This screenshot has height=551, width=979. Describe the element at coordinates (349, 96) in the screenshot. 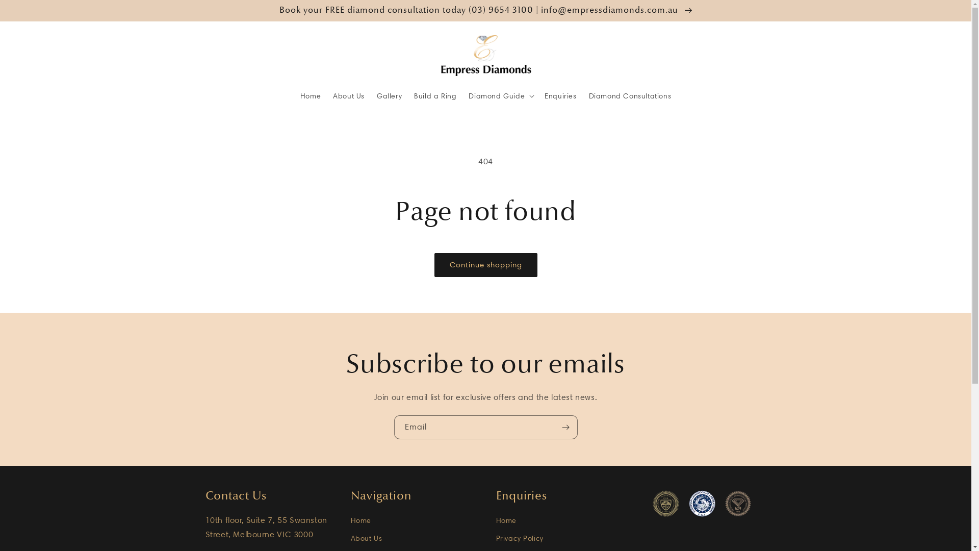

I see `'About Us'` at that location.